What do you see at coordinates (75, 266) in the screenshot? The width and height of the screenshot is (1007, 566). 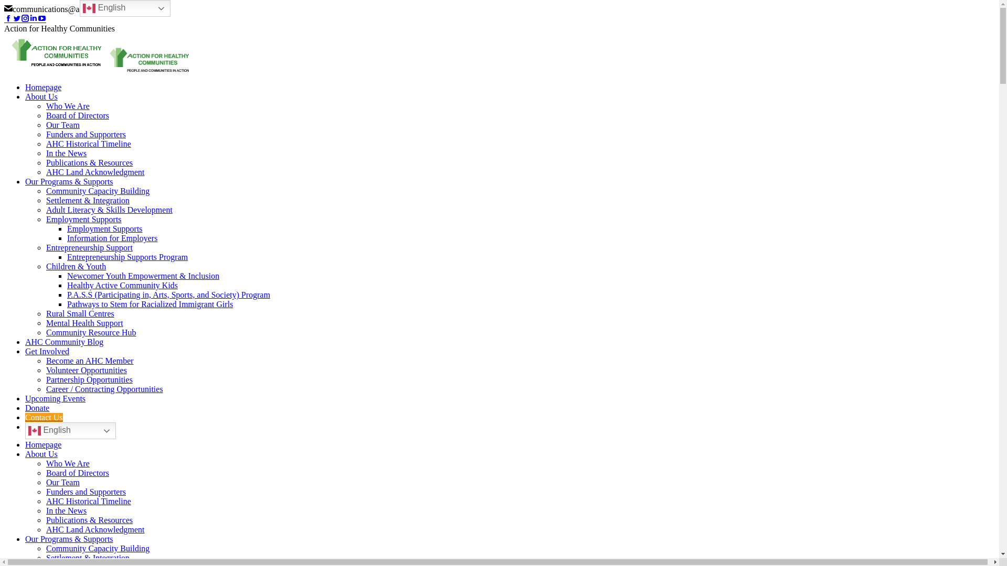 I see `'Children & Youth'` at bounding box center [75, 266].